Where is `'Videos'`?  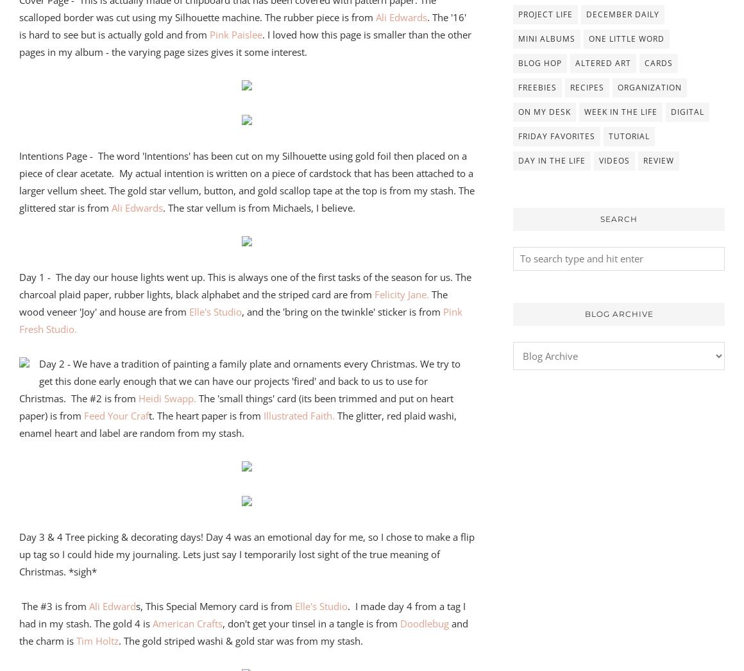 'Videos' is located at coordinates (614, 159).